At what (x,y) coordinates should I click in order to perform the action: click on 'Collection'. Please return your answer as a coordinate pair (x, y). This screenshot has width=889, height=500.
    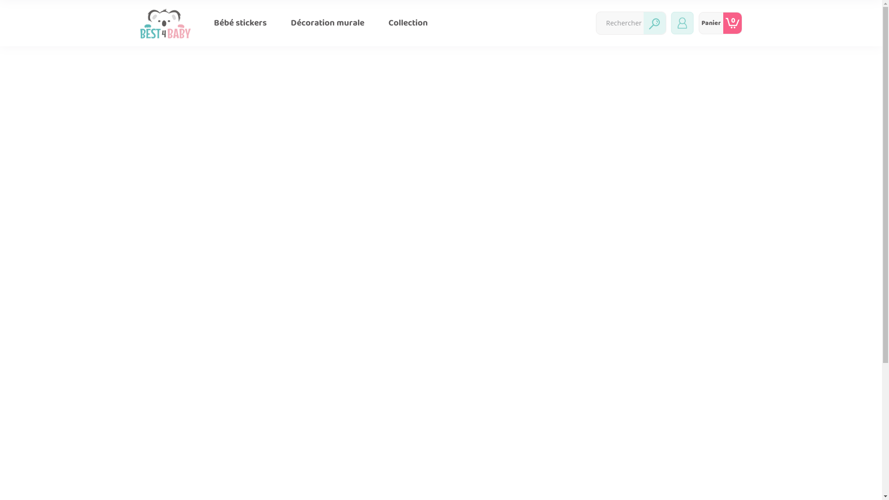
    Looking at the image, I should click on (407, 23).